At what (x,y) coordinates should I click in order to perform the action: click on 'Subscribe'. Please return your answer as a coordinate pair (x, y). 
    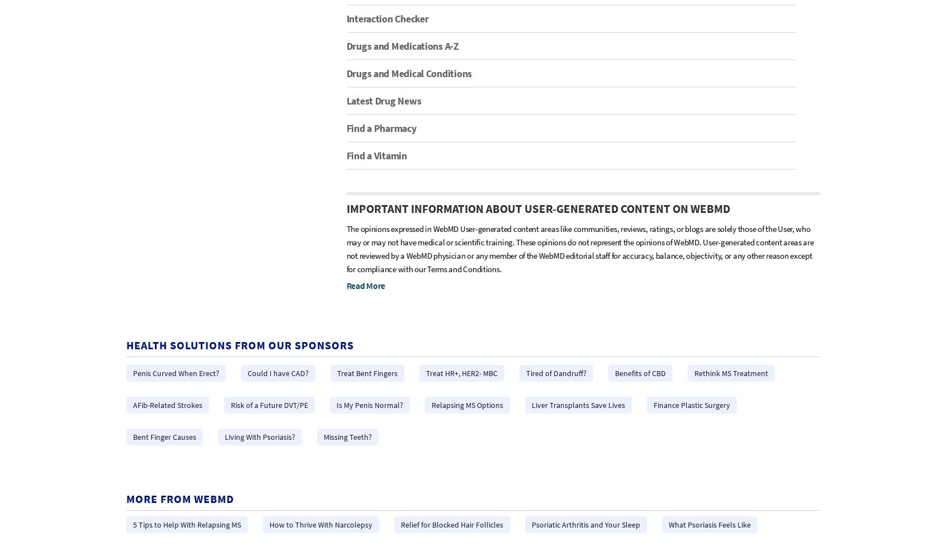
    Looking at the image, I should click on (382, 292).